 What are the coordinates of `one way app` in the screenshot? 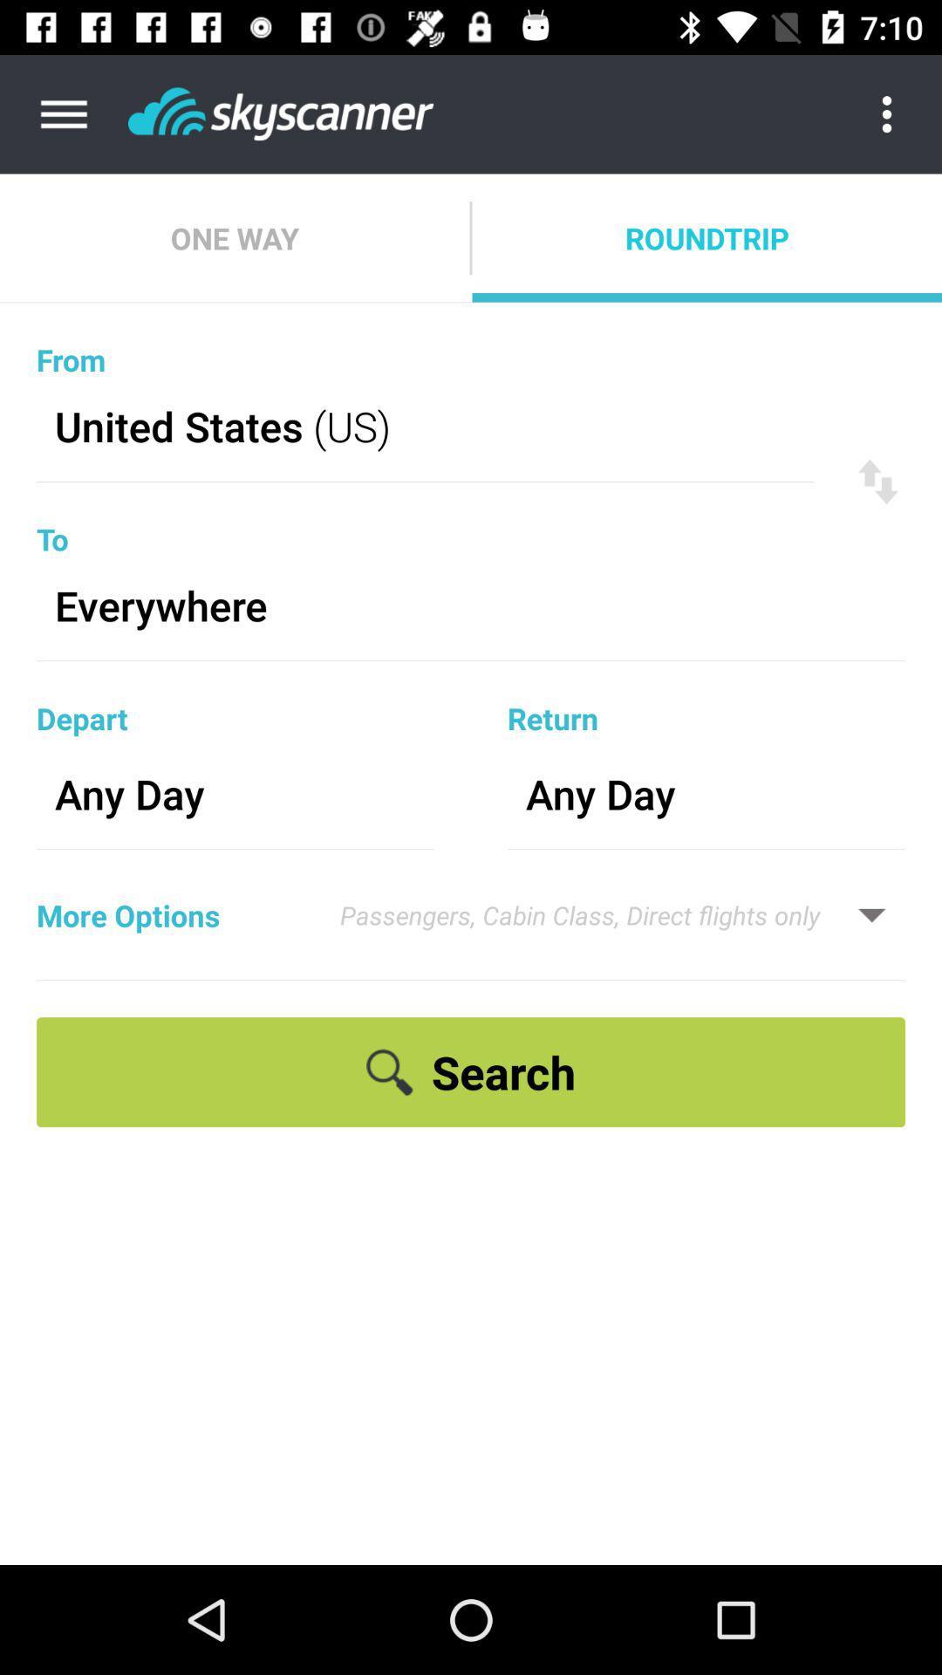 It's located at (234, 237).